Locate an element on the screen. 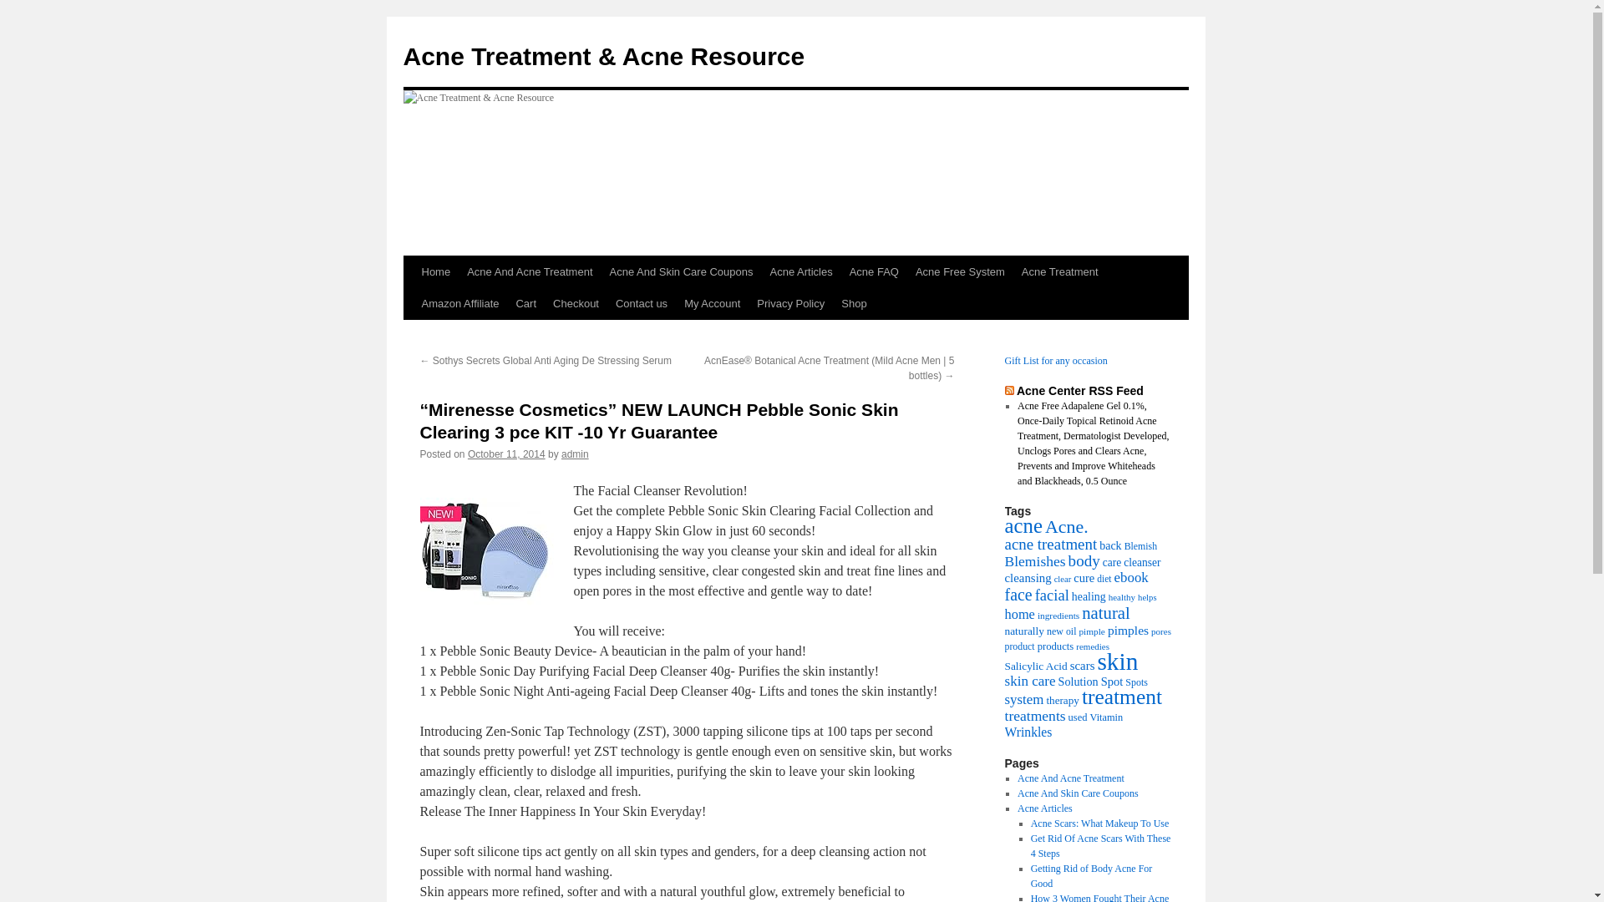 The height and width of the screenshot is (902, 1604). 'Shop' is located at coordinates (854, 303).